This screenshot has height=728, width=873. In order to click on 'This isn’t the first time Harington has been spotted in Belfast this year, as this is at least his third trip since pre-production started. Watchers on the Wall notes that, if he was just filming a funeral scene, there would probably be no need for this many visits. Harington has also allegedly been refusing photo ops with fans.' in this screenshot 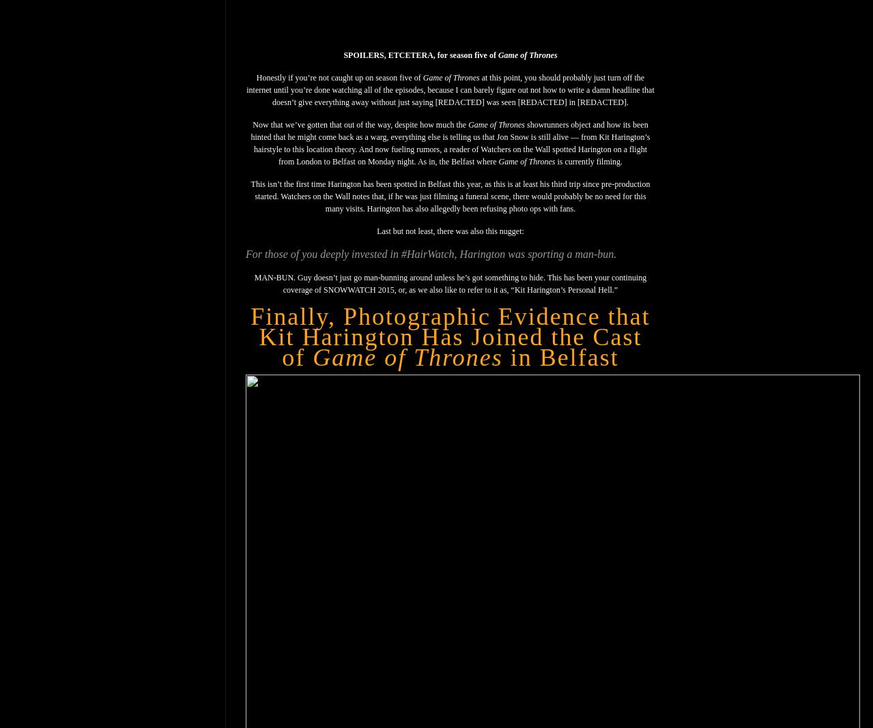, I will do `click(449, 196)`.